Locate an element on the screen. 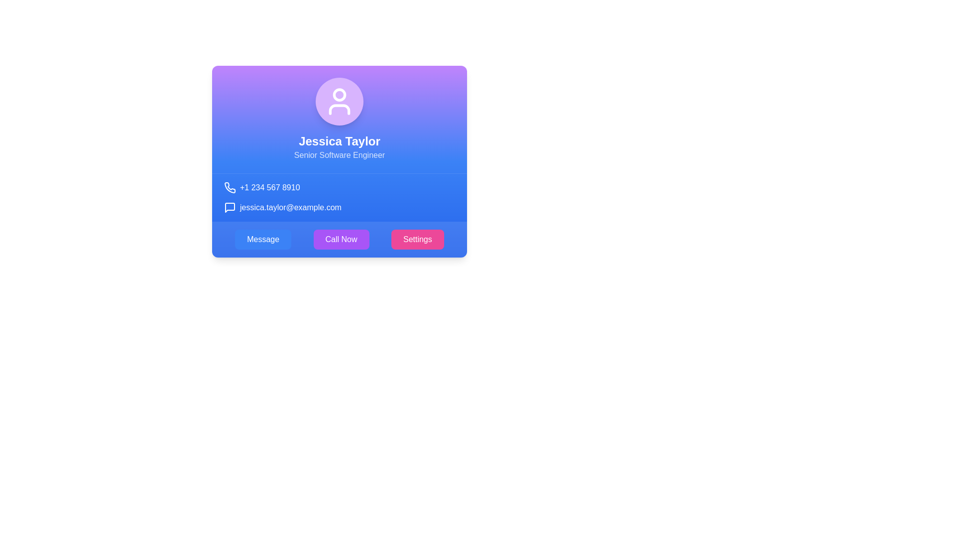  the text label displaying 'Senior Software Engineer' located below 'Jessica Taylor' within the card interface is located at coordinates (339, 155).